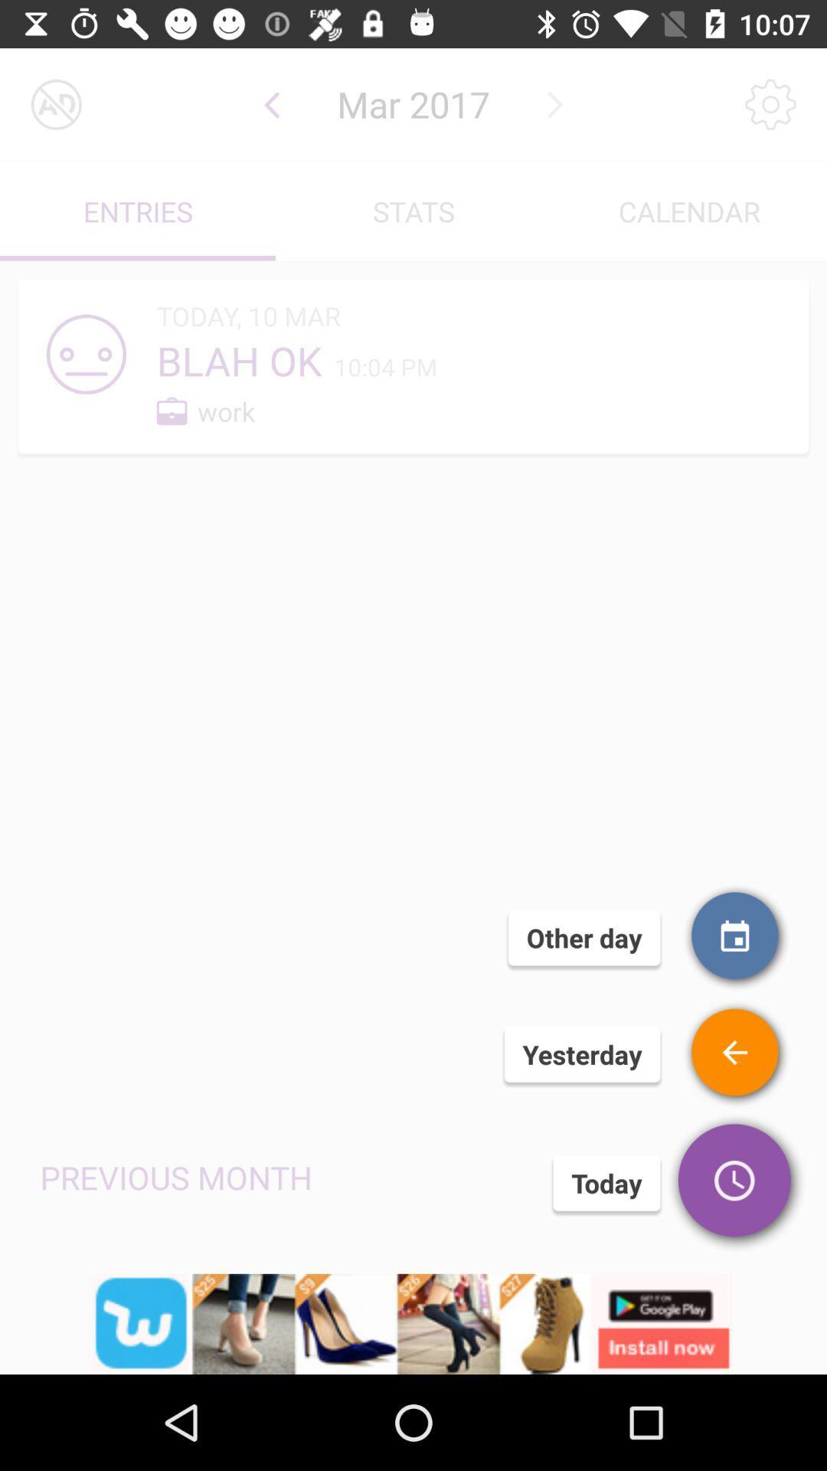 The image size is (827, 1471). What do you see at coordinates (770, 103) in the screenshot?
I see `the settings icon` at bounding box center [770, 103].